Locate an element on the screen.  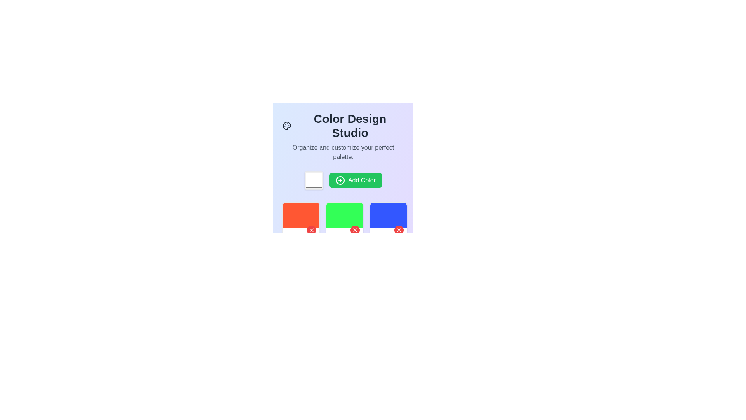
the vibrant red circular button with a white 'X' icon located at the bottom right corner of the blue card is located at coordinates (399, 229).